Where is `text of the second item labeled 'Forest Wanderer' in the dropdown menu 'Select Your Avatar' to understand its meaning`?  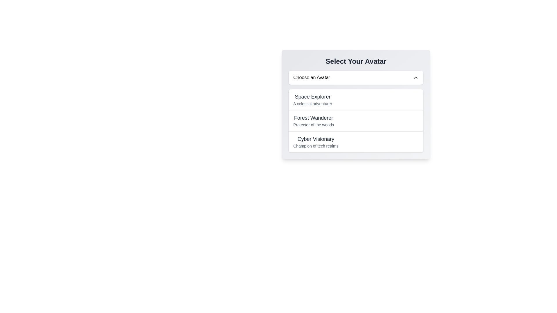
text of the second item labeled 'Forest Wanderer' in the dropdown menu 'Select Your Avatar' to understand its meaning is located at coordinates (313, 120).